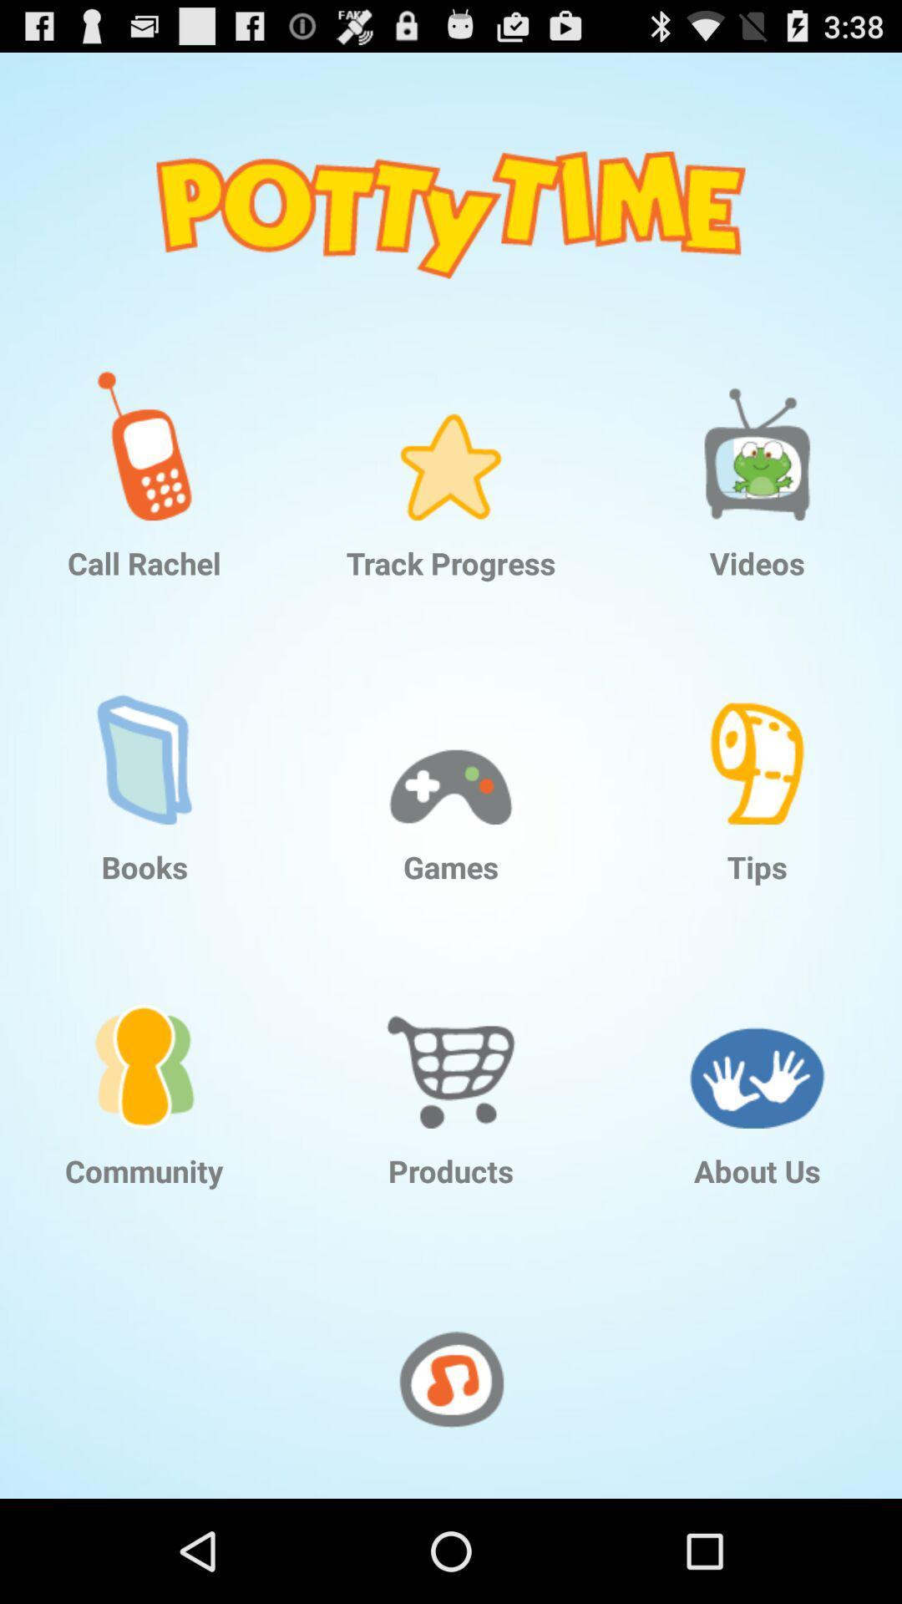 The width and height of the screenshot is (902, 1604). I want to click on the item below call rachel icon, so click(144, 736).